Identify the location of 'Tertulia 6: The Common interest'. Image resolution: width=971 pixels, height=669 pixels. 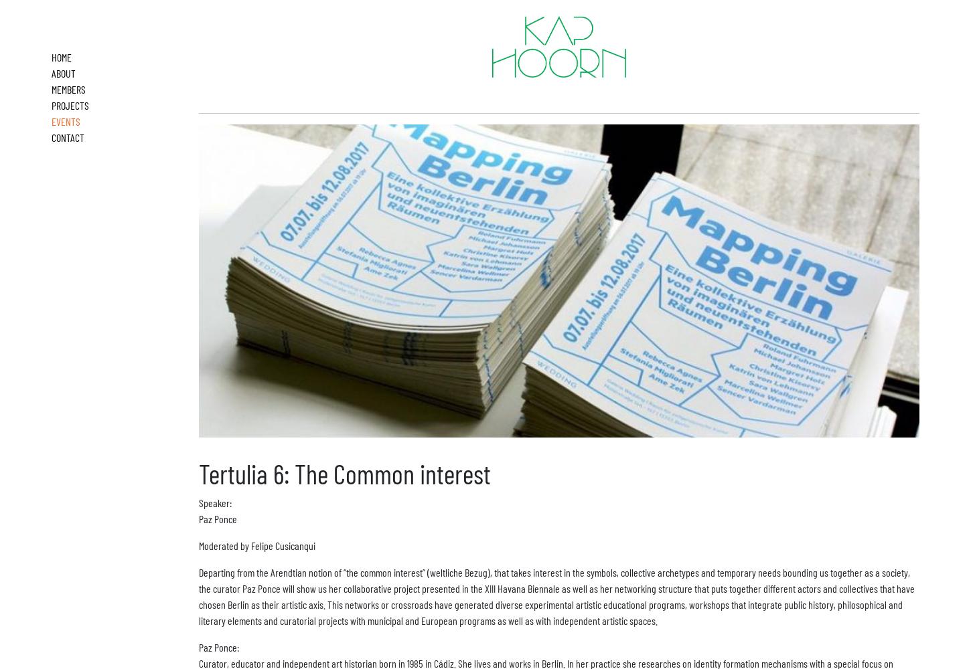
(198, 472).